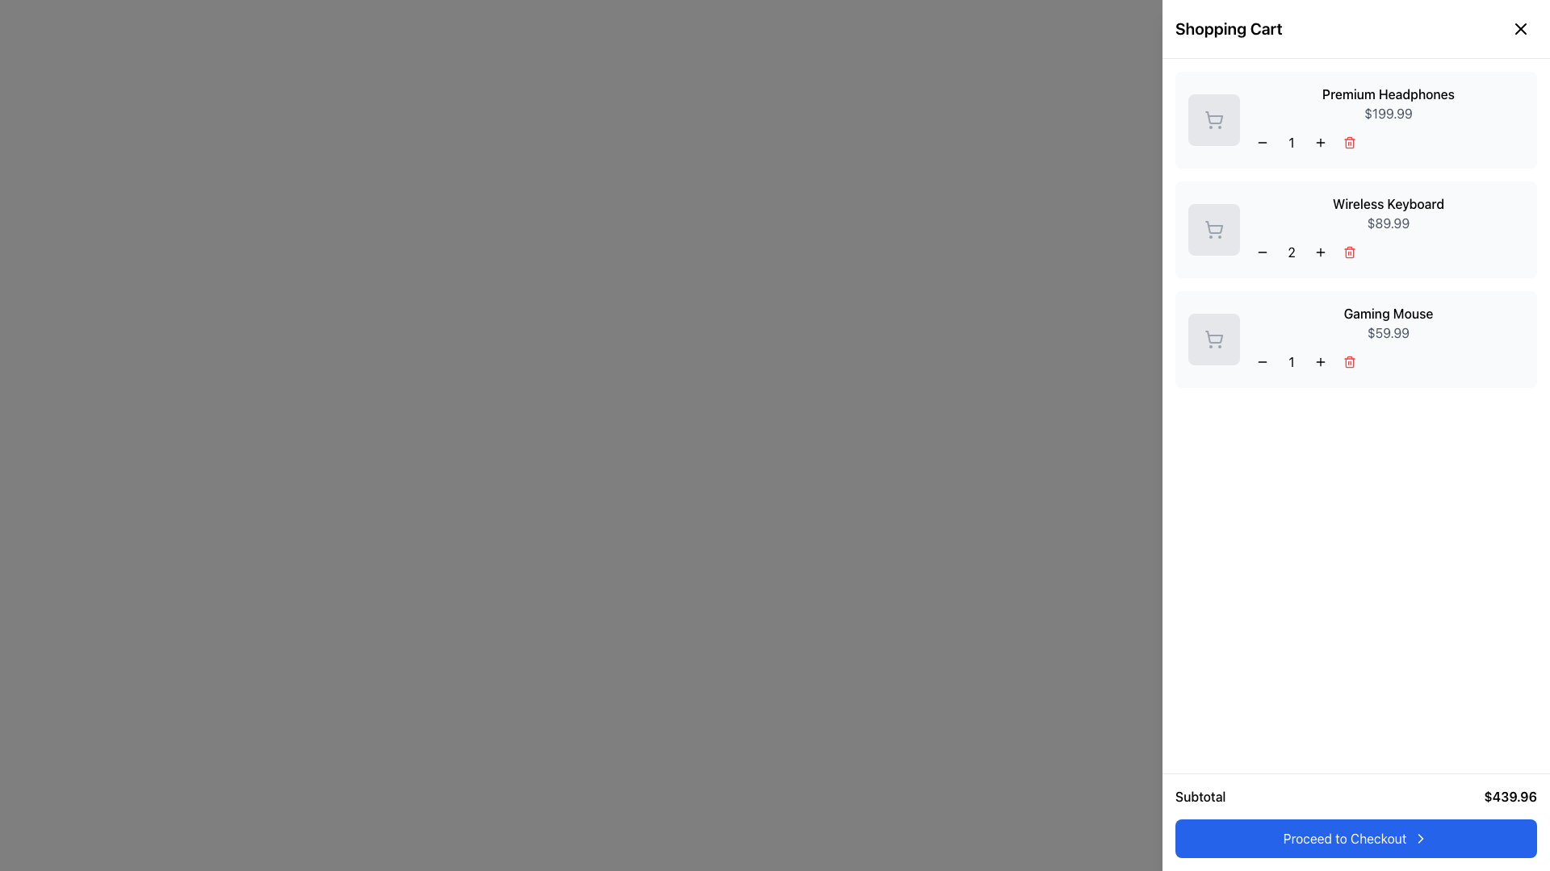  Describe the element at coordinates (1421, 838) in the screenshot. I see `properties of the chevron-shaped icon with a rightward pointing arrow, which is located at the rightmost end of the 'Proceed to Checkout' button` at that location.